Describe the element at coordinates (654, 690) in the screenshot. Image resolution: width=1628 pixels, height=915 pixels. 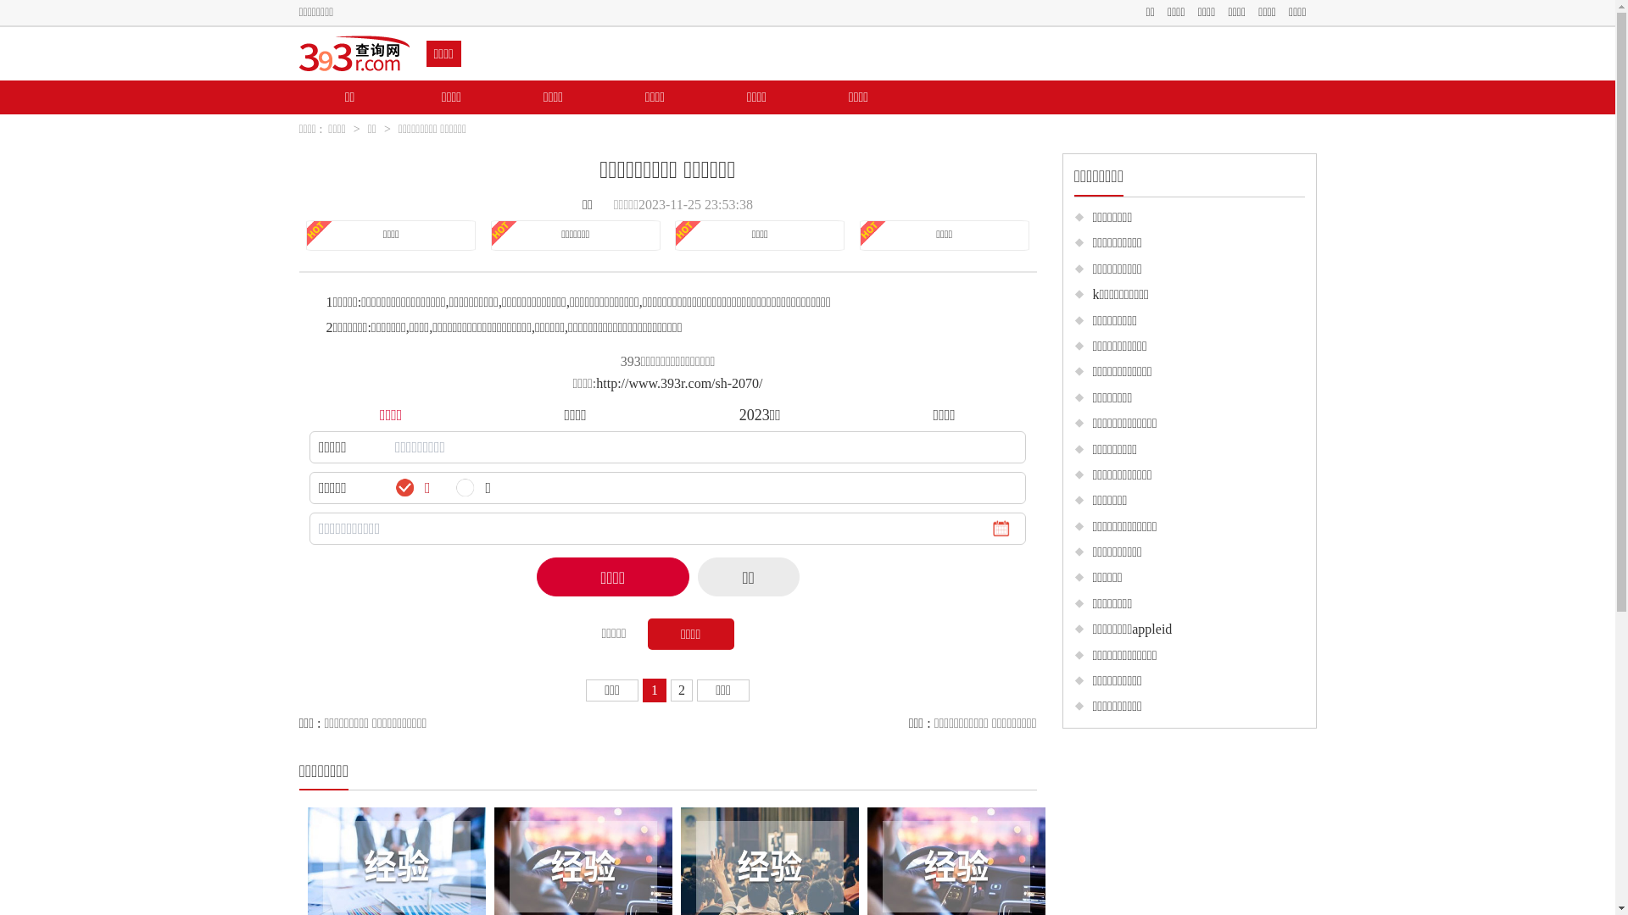
I see `'1'` at that location.